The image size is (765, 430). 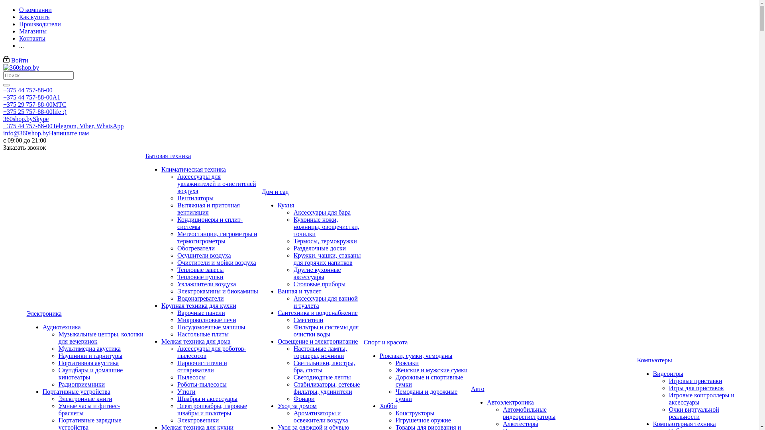 What do you see at coordinates (26, 119) in the screenshot?
I see `'360shop.bySkype'` at bounding box center [26, 119].